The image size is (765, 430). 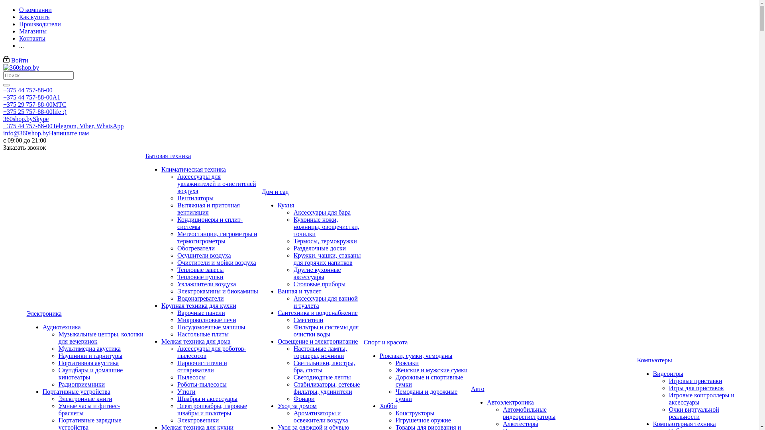 What do you see at coordinates (26, 119) in the screenshot?
I see `'360shop.bySkype'` at bounding box center [26, 119].